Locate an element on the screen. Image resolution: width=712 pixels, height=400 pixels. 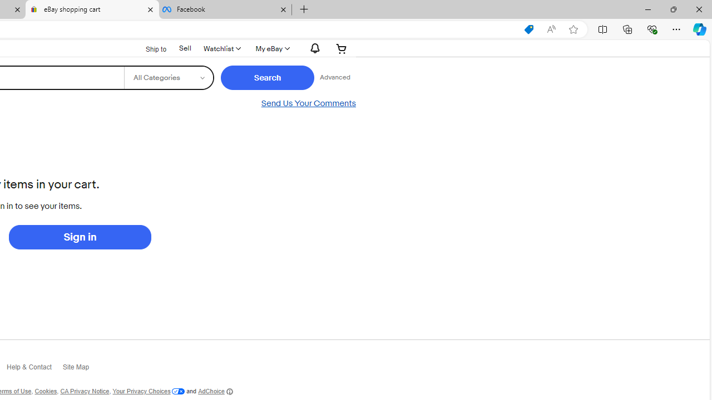
'AdChoice' is located at coordinates (215, 391).